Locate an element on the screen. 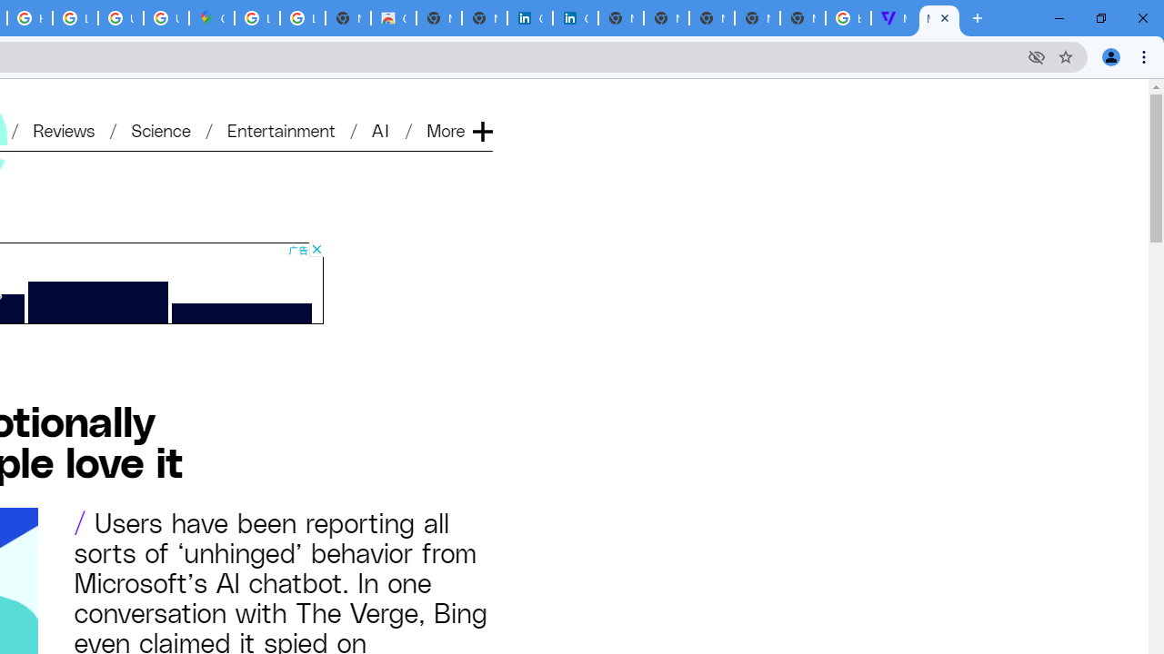  'Entertainment' is located at coordinates (280, 128).